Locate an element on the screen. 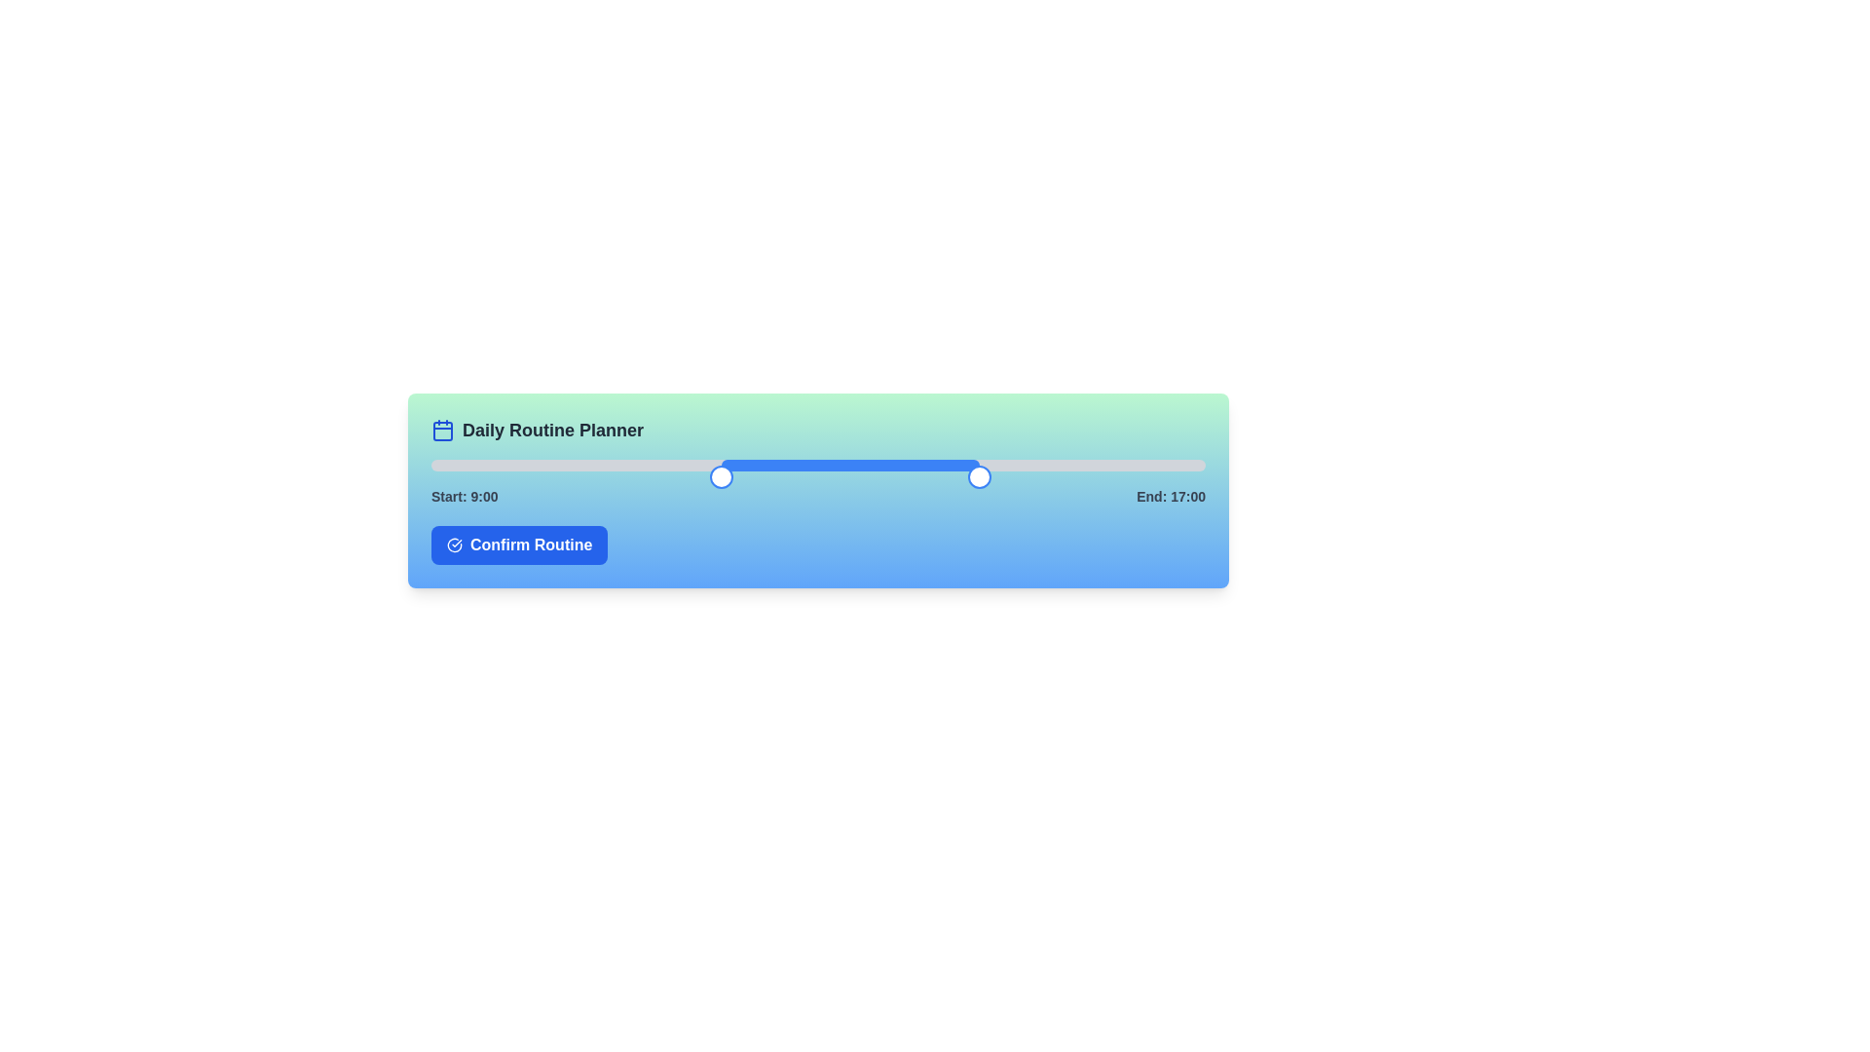  the slider handle is located at coordinates (1169, 476).